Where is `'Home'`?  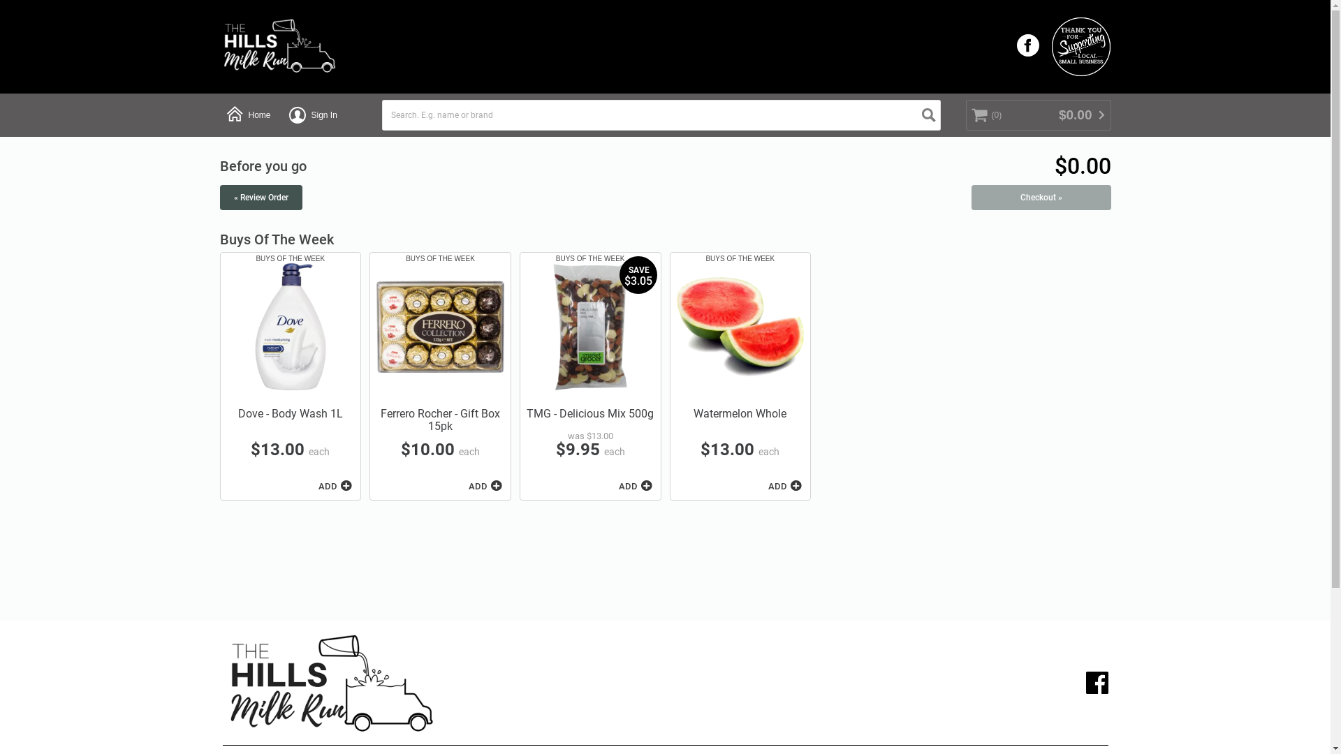
'Home' is located at coordinates (248, 114).